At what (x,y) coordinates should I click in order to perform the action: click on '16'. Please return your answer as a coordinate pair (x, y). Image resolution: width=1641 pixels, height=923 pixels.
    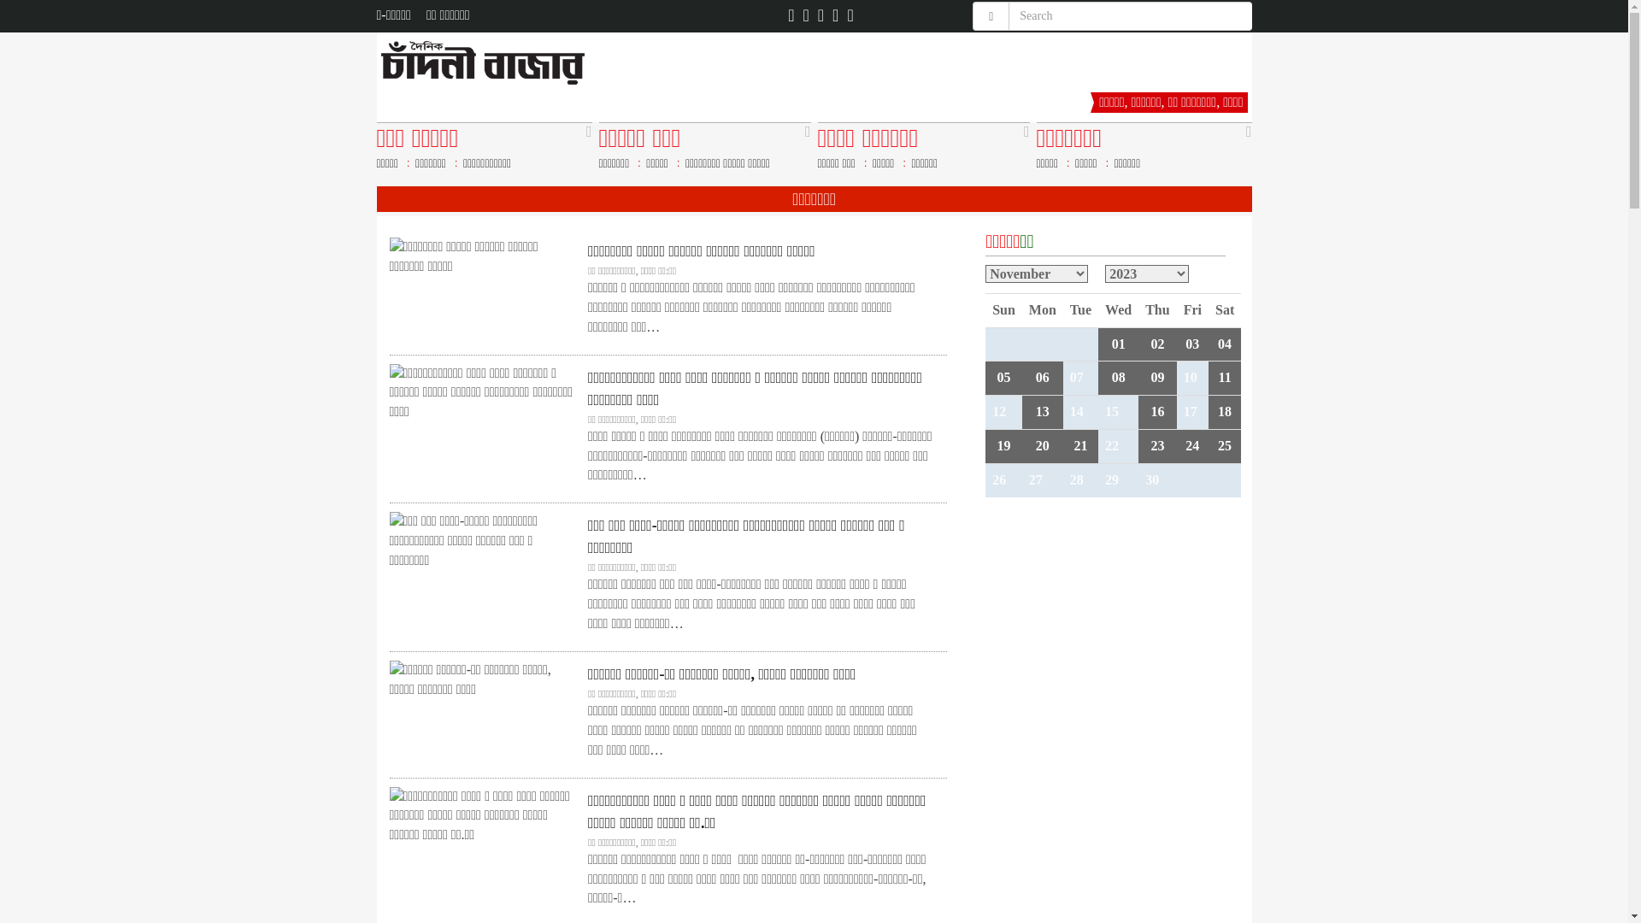
    Looking at the image, I should click on (1150, 411).